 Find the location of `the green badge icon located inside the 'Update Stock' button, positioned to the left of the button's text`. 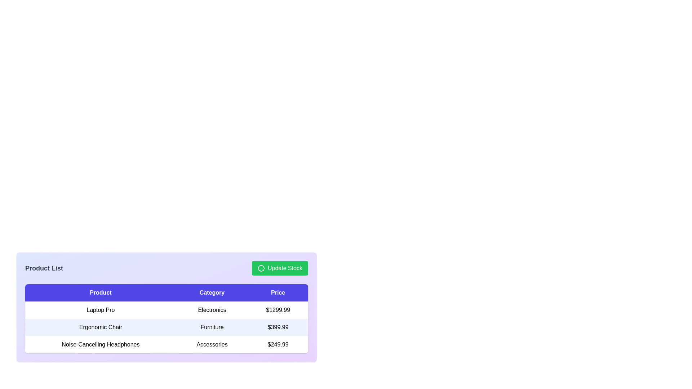

the green badge icon located inside the 'Update Stock' button, positioned to the left of the button's text is located at coordinates (261, 268).